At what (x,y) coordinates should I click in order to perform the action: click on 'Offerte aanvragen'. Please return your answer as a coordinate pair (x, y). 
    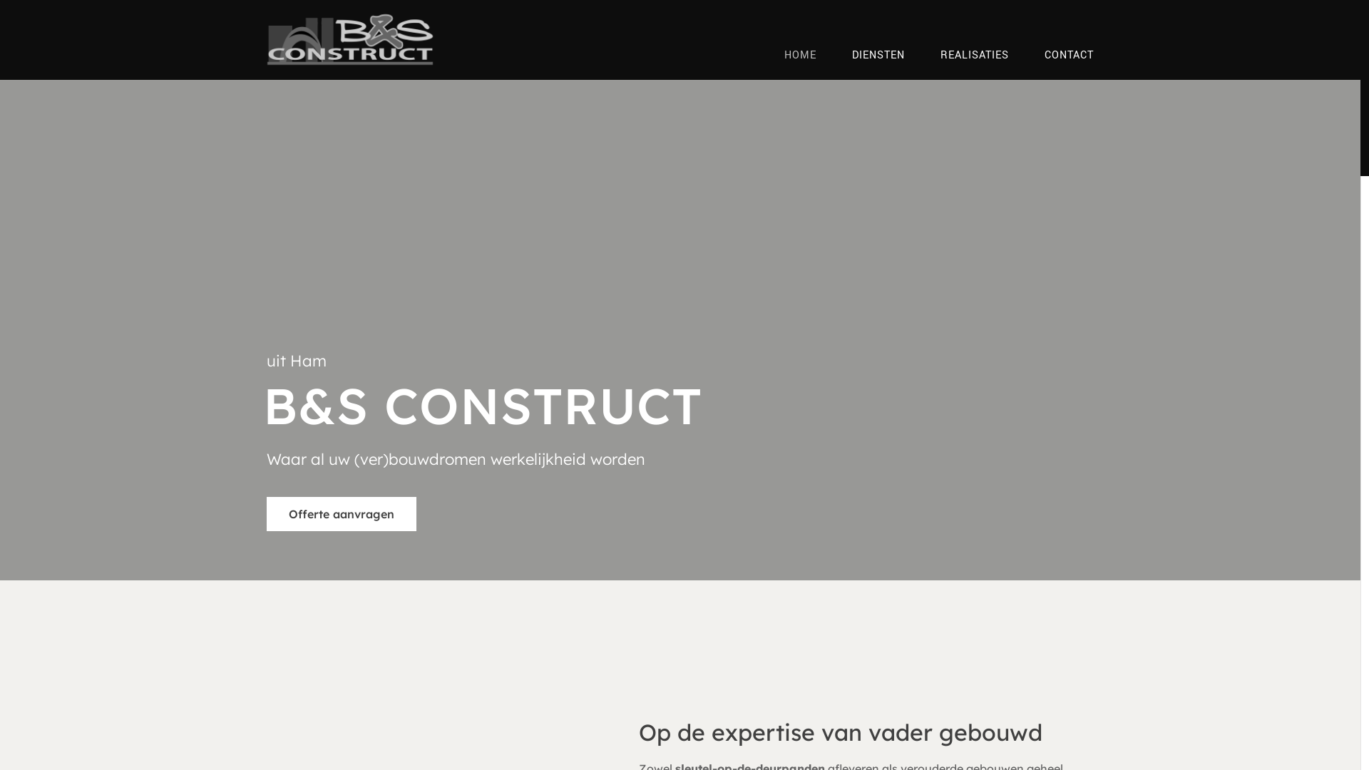
    Looking at the image, I should click on (341, 514).